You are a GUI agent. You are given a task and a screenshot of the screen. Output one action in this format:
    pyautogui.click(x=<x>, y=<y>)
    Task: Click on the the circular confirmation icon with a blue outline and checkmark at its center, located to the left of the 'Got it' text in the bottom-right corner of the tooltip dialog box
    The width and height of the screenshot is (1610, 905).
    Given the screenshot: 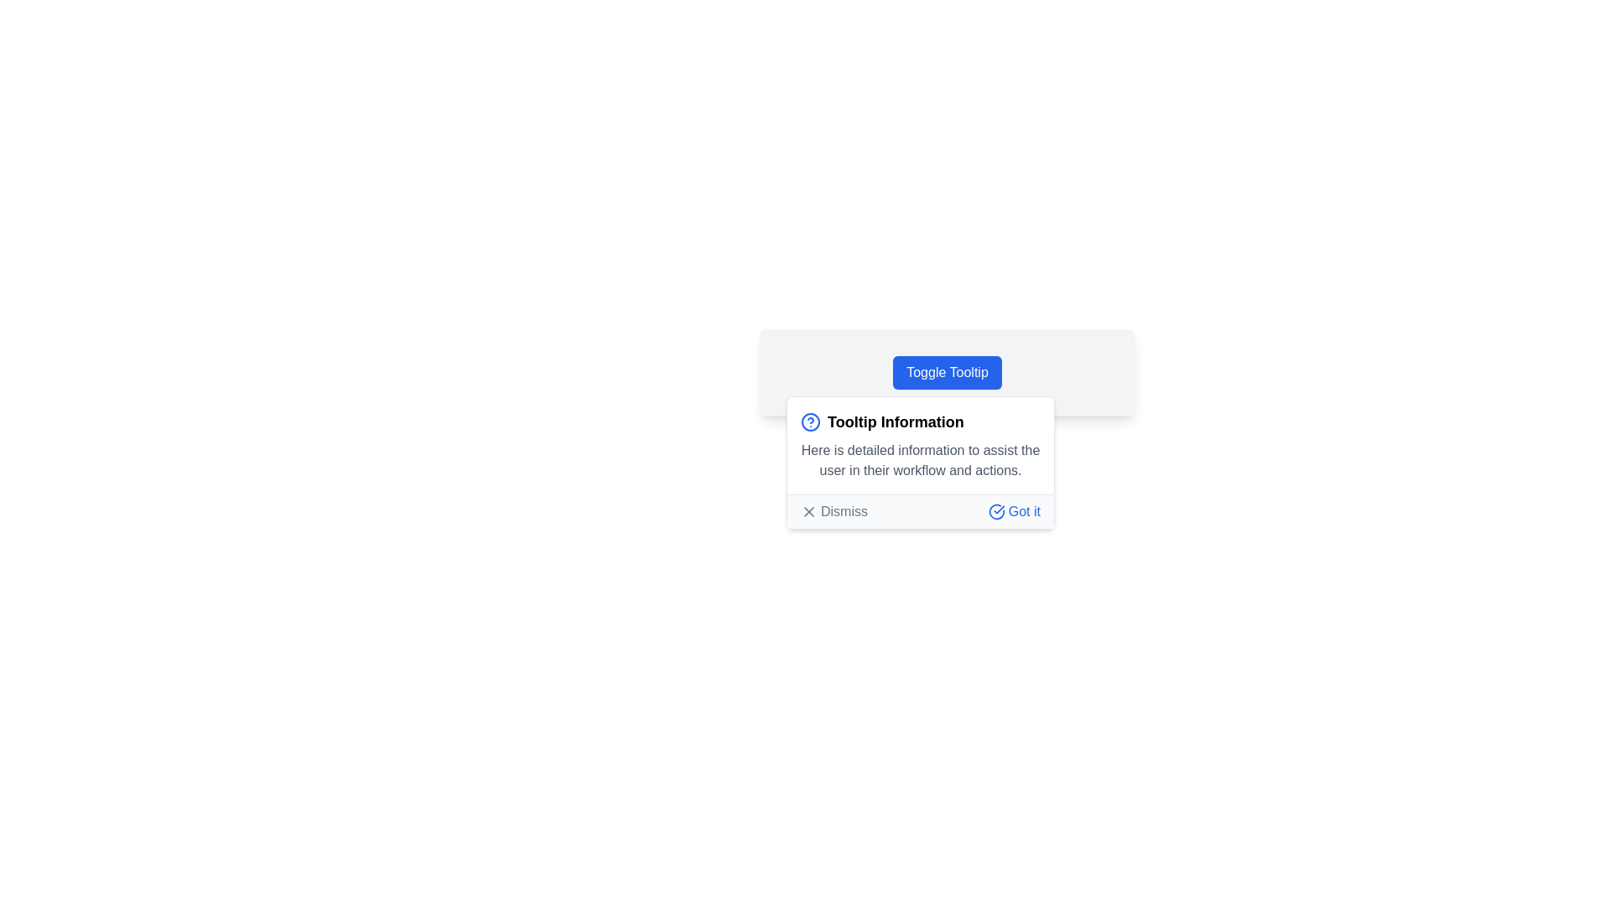 What is the action you would take?
    pyautogui.click(x=996, y=510)
    